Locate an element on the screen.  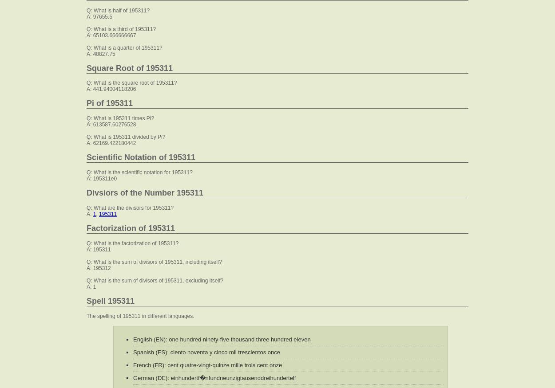
',' is located at coordinates (97, 214).